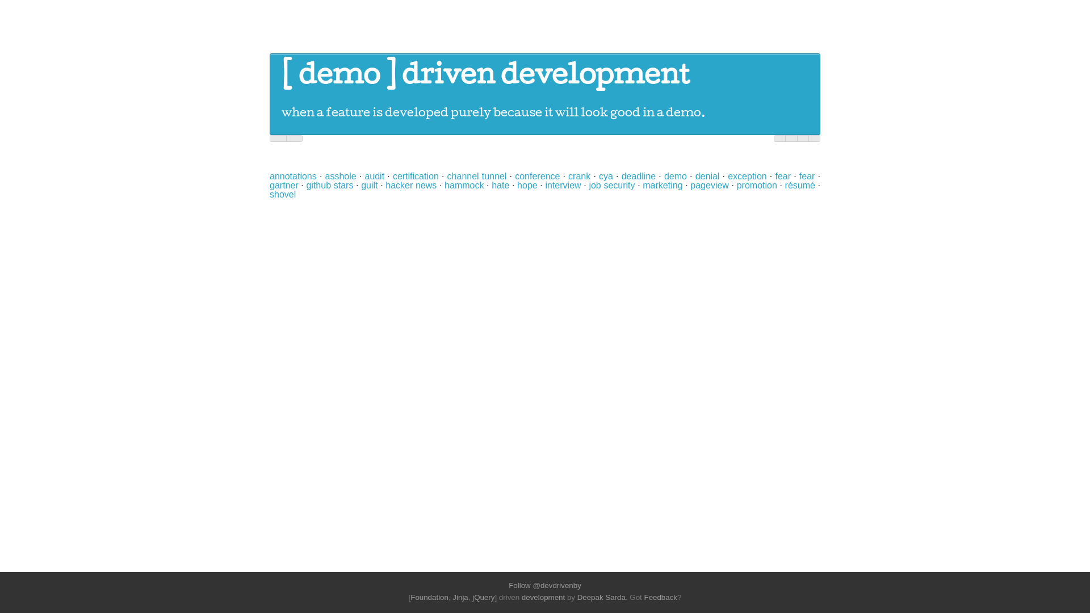 The image size is (1090, 613). What do you see at coordinates (782, 176) in the screenshot?
I see `'fear'` at bounding box center [782, 176].